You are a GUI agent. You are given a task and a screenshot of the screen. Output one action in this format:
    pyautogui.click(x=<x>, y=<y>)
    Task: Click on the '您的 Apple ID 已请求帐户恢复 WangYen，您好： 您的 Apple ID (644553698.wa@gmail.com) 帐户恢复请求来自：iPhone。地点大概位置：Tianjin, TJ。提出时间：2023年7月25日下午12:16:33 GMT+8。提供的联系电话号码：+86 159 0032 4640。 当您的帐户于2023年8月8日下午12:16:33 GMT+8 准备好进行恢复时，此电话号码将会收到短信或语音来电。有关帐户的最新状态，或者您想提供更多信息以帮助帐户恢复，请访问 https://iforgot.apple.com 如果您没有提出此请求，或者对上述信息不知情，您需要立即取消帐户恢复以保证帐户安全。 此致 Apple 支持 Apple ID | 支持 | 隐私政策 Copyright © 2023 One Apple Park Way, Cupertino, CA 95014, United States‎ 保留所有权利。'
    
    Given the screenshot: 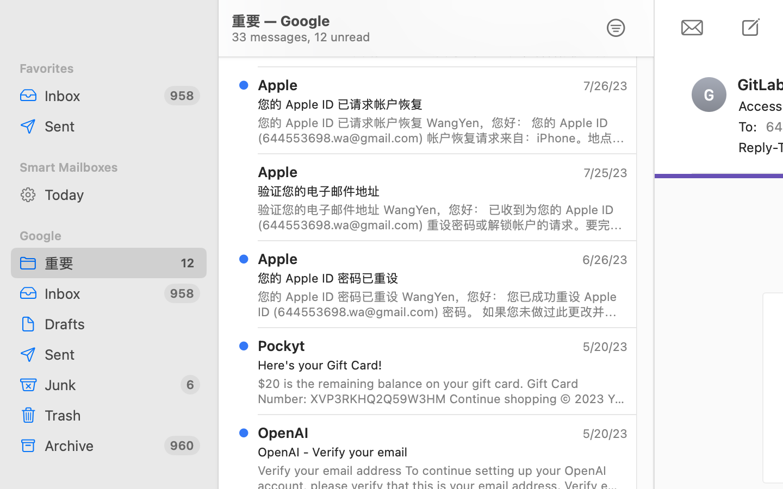 What is the action you would take?
    pyautogui.click(x=443, y=130)
    